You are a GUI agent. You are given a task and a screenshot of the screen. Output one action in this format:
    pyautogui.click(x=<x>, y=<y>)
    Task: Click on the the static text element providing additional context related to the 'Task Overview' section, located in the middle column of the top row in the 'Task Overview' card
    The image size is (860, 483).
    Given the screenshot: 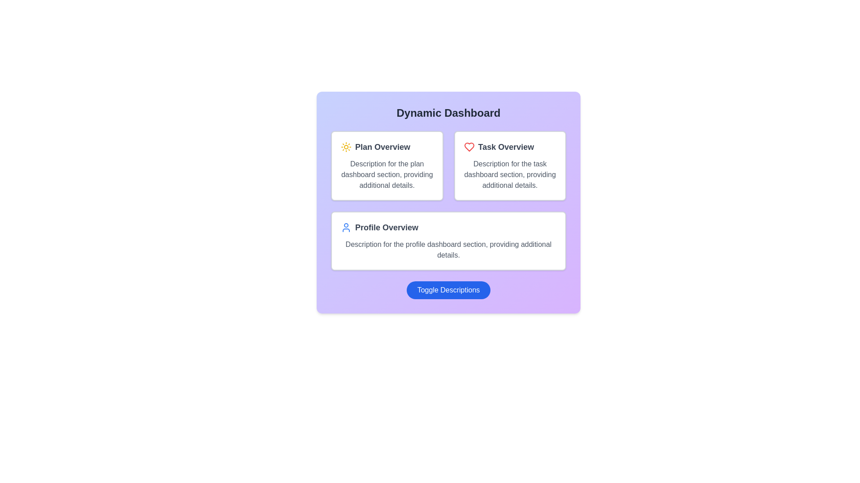 What is the action you would take?
    pyautogui.click(x=510, y=174)
    